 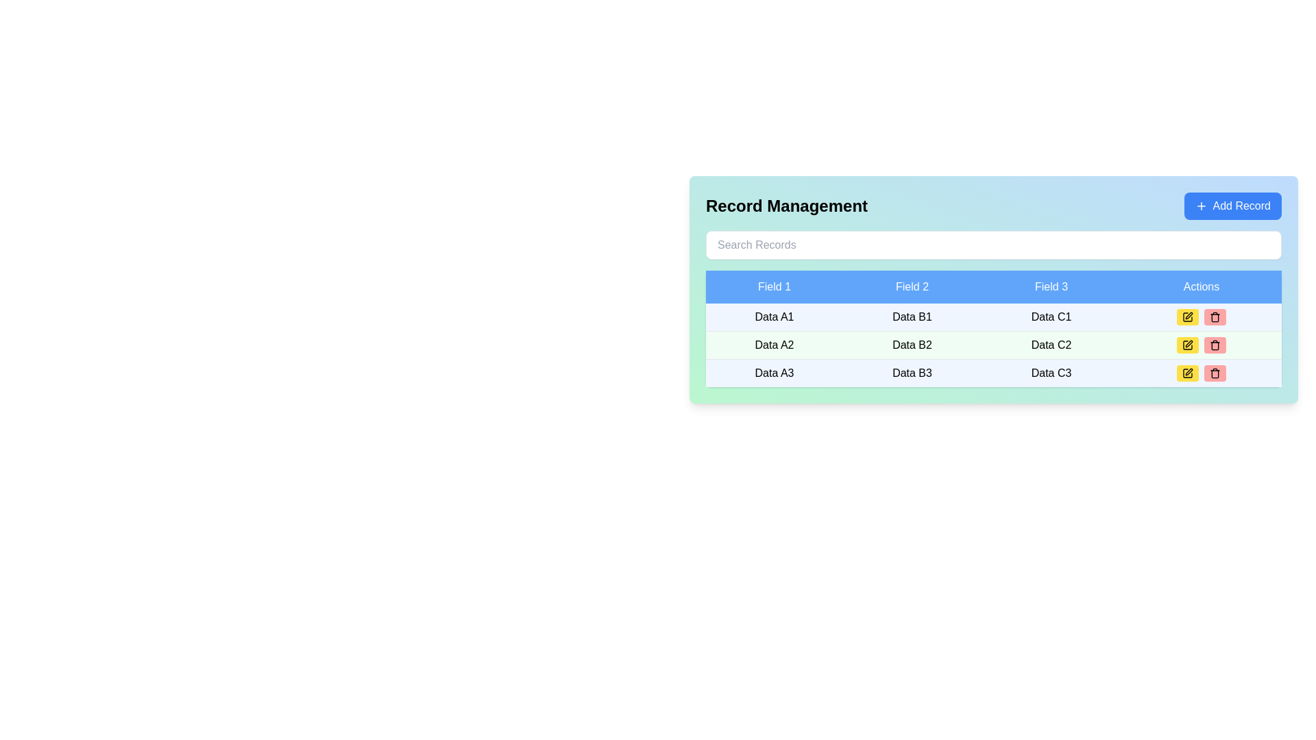 What do you see at coordinates (1200, 317) in the screenshot?
I see `the delete button in the second row of the Action group located in the Actions column of the table` at bounding box center [1200, 317].